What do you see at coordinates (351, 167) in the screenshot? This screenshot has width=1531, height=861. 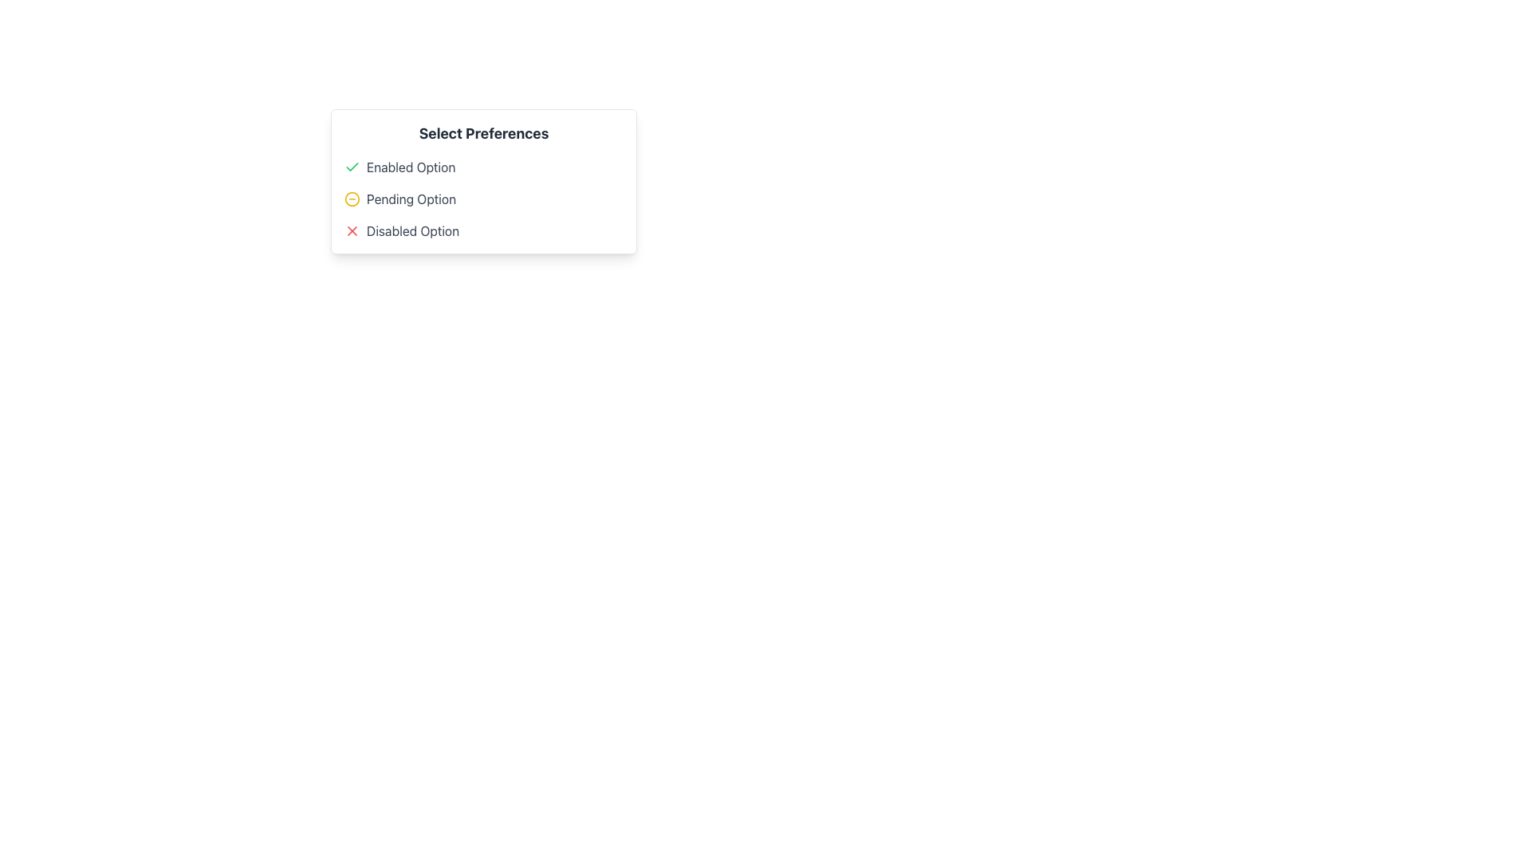 I see `the visual indicator icon that signifies the 'Enabled Option' is currently selected in the preference selection panel` at bounding box center [351, 167].